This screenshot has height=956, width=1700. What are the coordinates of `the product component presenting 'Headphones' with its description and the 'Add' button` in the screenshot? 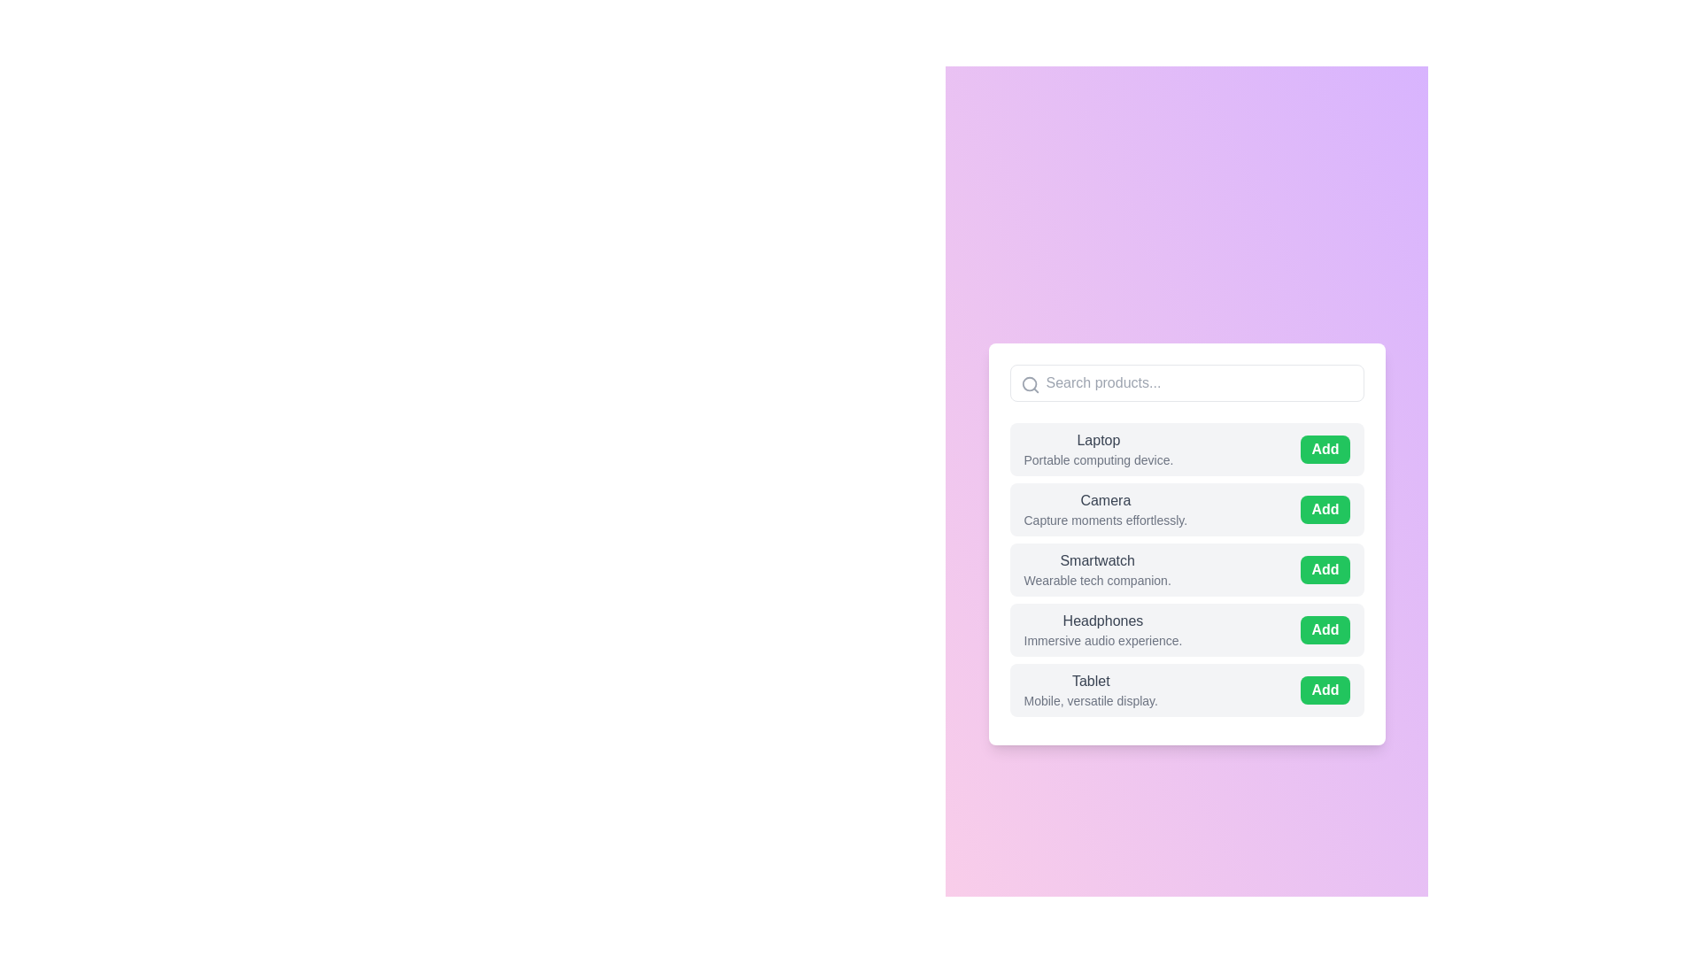 It's located at (1186, 629).